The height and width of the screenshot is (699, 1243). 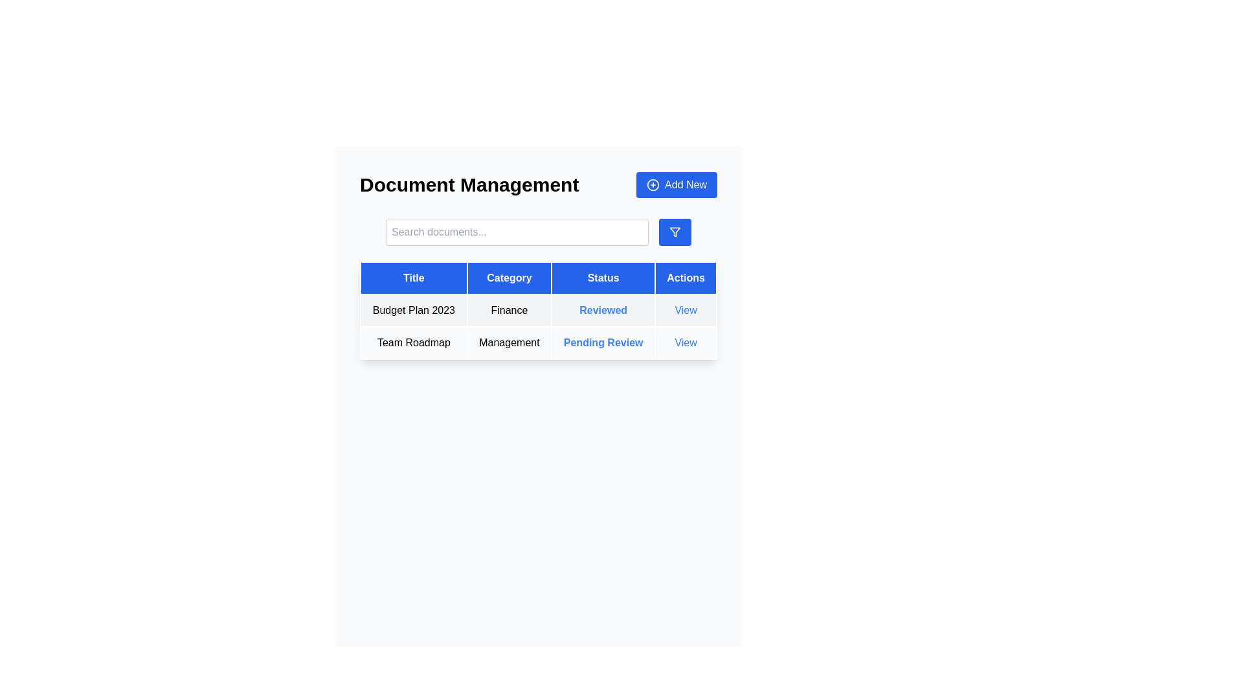 I want to click on the decorative icon within the 'Add New' button located in the top-right corner of the section, which indicates the function of adding a new item, so click(x=653, y=184).